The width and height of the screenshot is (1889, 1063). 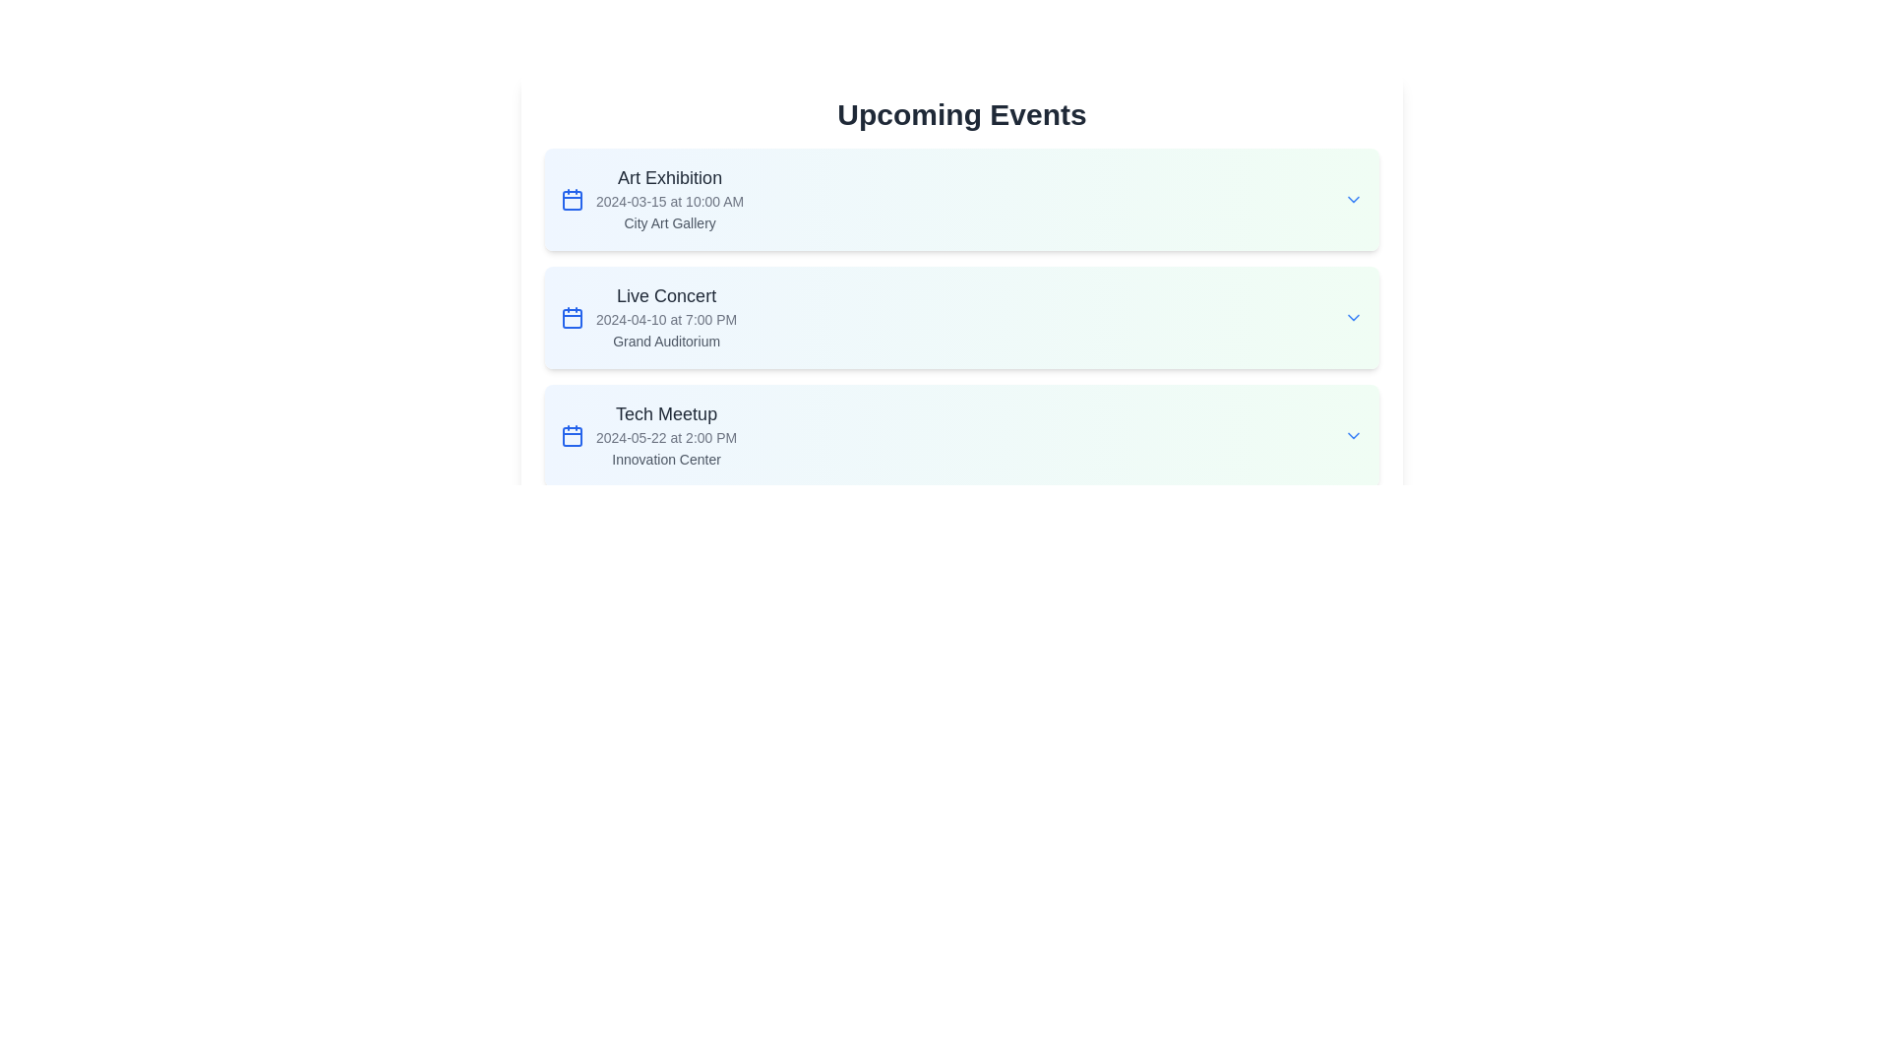 What do you see at coordinates (666, 435) in the screenshot?
I see `the informational text block detailing the 'Tech Meetup', which is the third element in the list of upcoming events below the heading 'Upcoming Events'` at bounding box center [666, 435].